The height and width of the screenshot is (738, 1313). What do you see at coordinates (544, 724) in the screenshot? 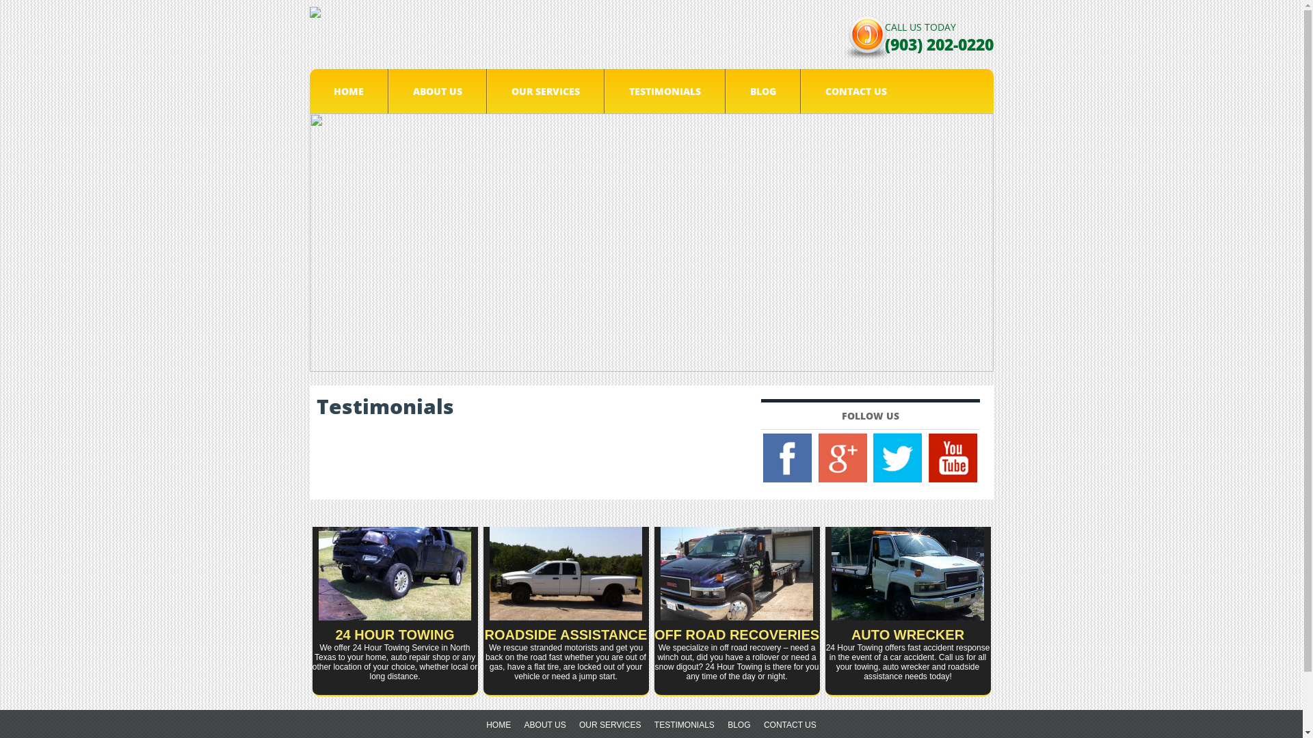
I see `'ABOUT US'` at bounding box center [544, 724].